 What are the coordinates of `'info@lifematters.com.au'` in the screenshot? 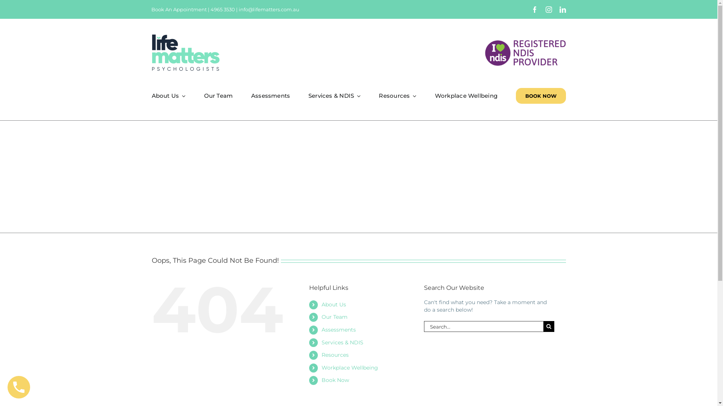 It's located at (269, 9).